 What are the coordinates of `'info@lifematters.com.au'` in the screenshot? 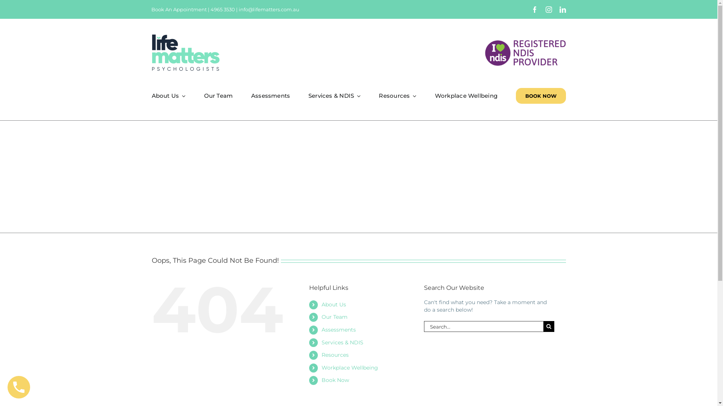 It's located at (269, 9).